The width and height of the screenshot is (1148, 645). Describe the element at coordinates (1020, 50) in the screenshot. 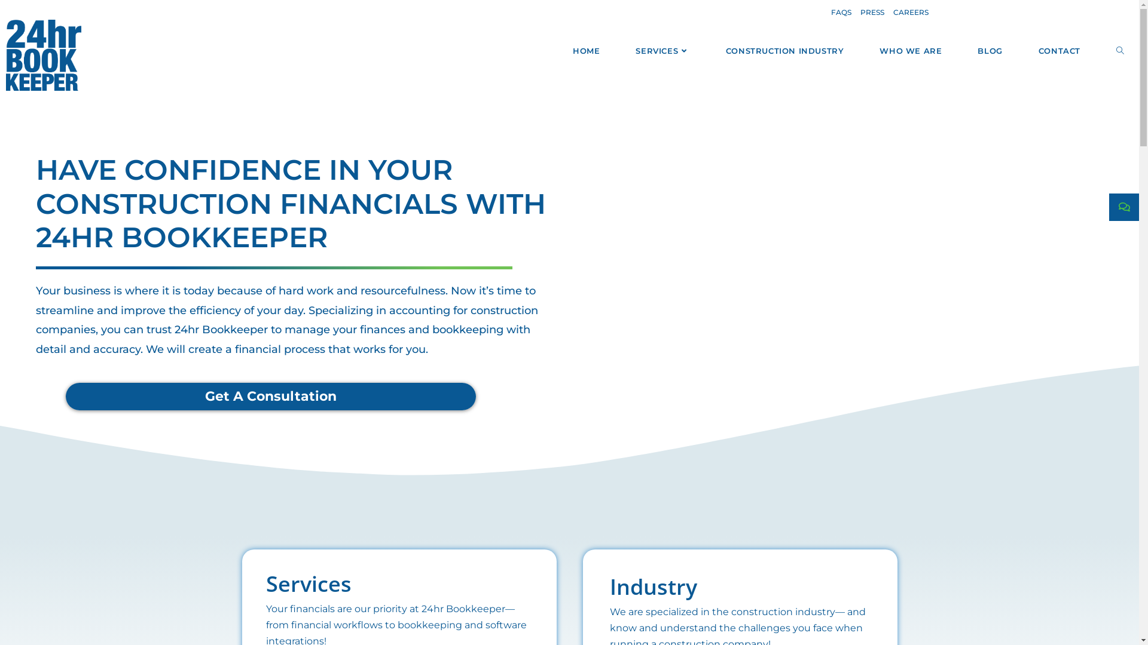

I see `'CONTACT'` at that location.